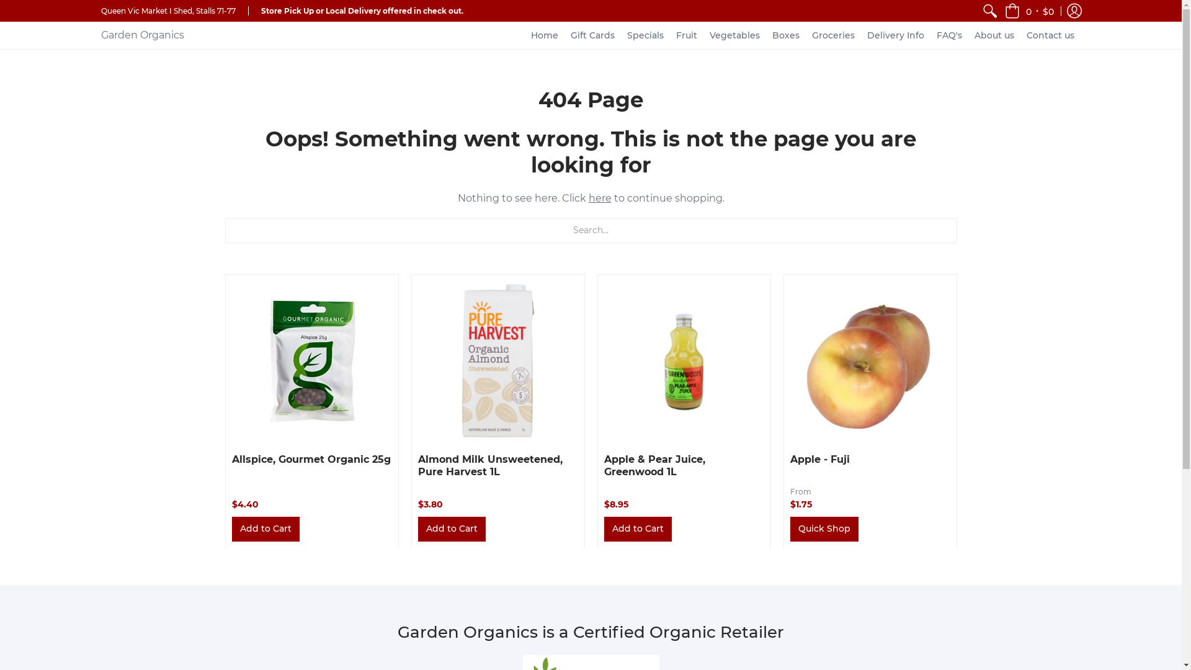 The image size is (1191, 670). Describe the element at coordinates (1050, 35) in the screenshot. I see `'Contact us'` at that location.